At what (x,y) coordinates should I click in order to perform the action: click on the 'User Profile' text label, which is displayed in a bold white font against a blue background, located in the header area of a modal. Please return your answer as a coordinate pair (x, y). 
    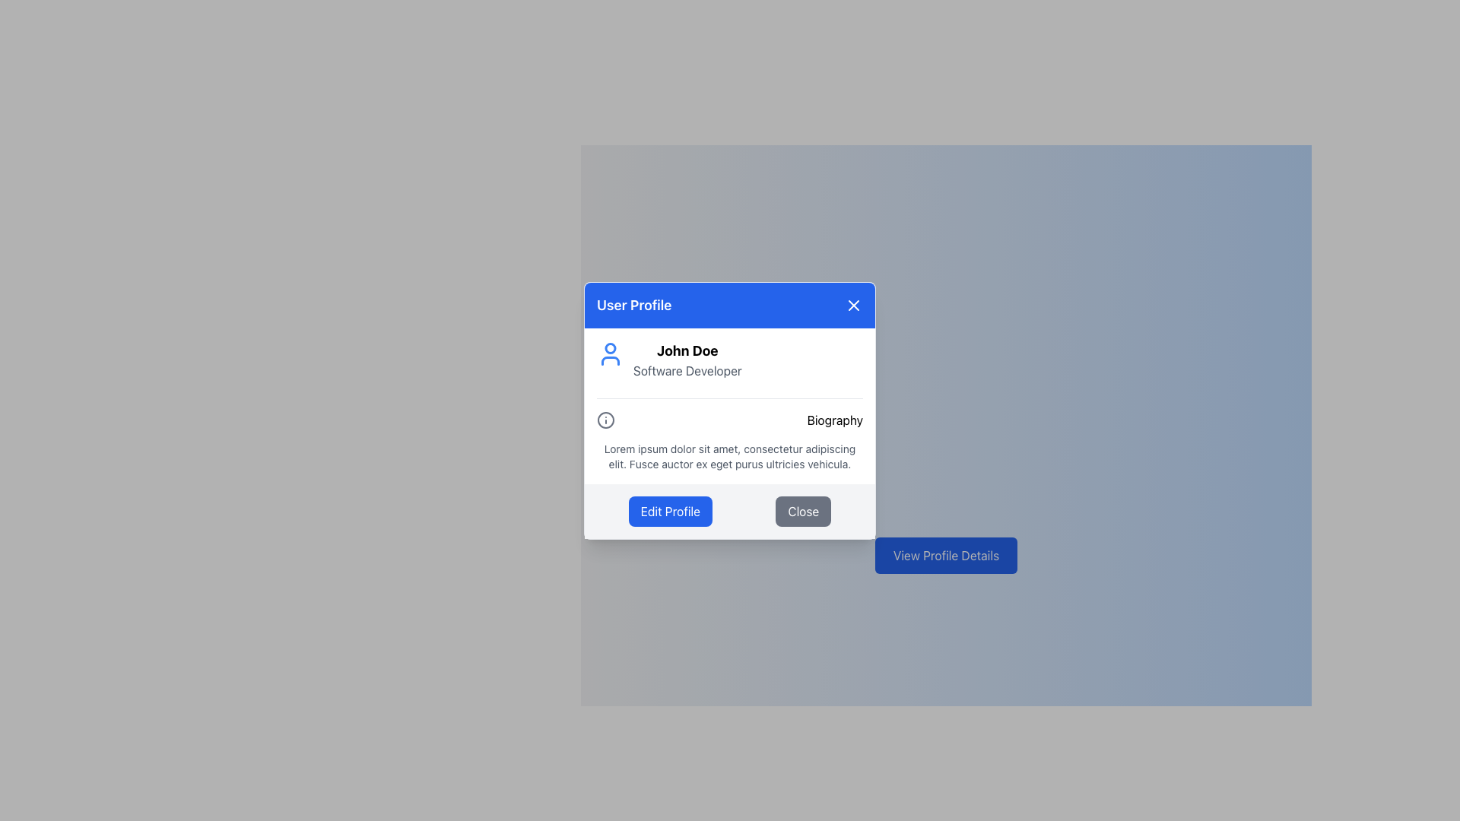
    Looking at the image, I should click on (634, 305).